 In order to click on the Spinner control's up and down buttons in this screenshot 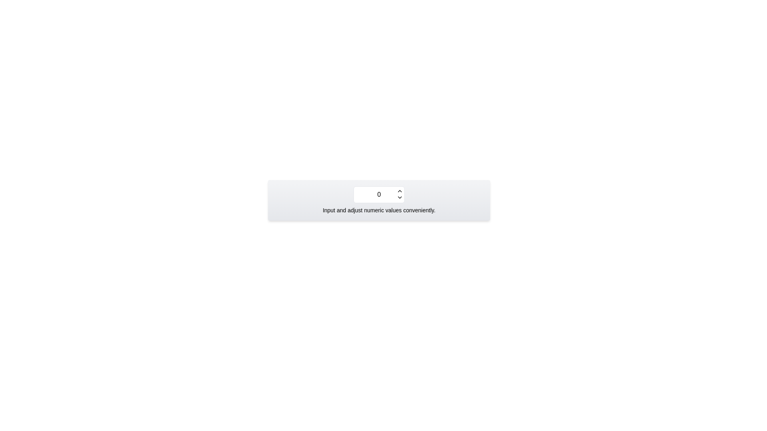, I will do `click(400, 194)`.